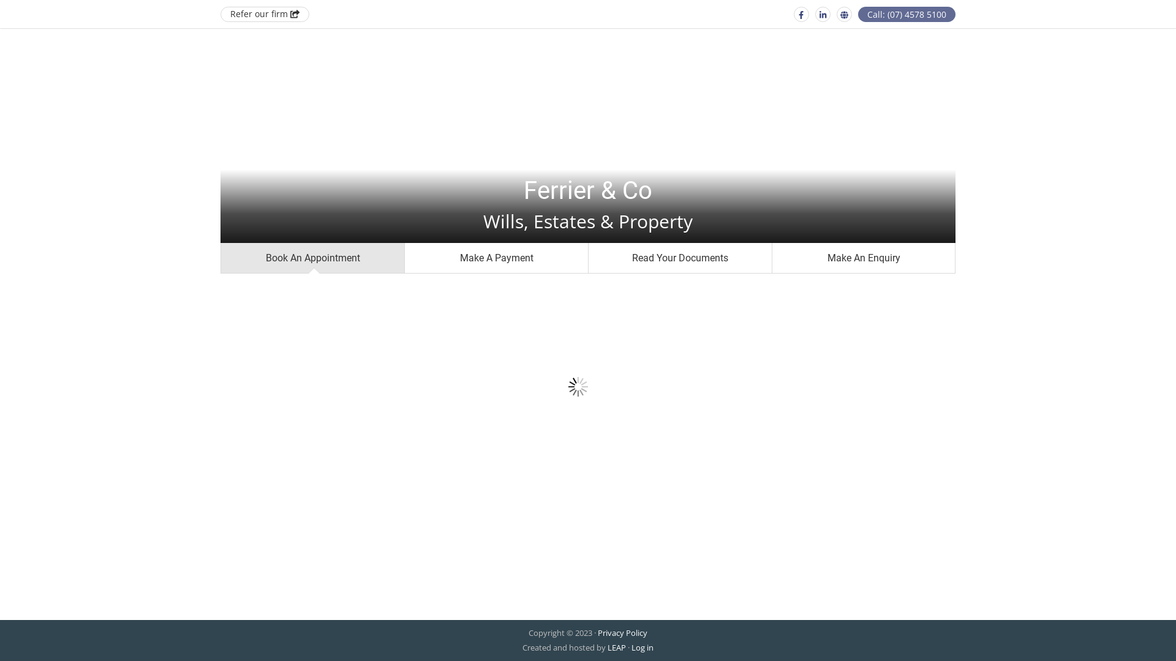  What do you see at coordinates (0, 0) in the screenshot?
I see `'Skip to main content'` at bounding box center [0, 0].